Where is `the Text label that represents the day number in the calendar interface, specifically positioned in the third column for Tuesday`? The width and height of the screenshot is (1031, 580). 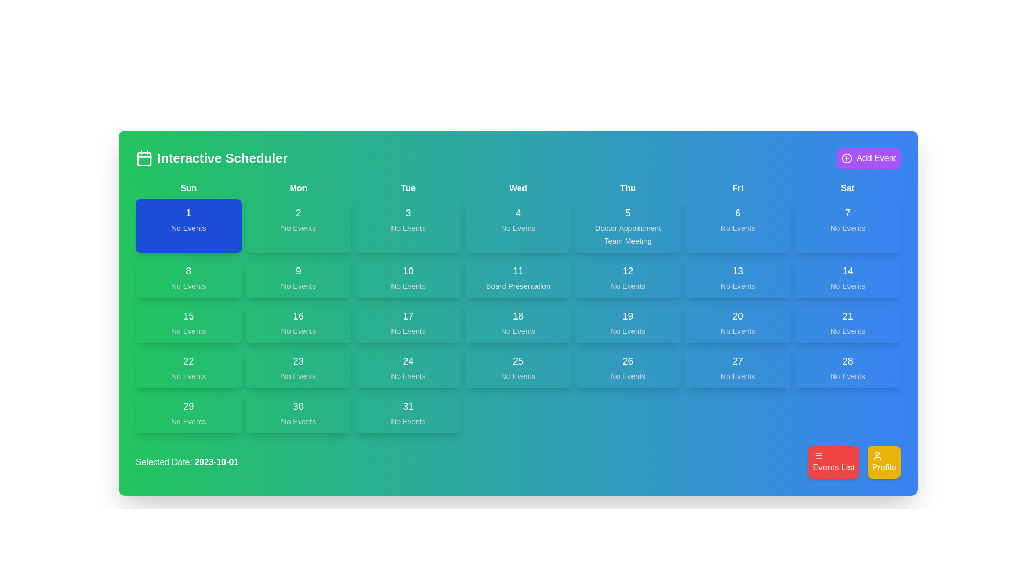
the Text label that represents the day number in the calendar interface, specifically positioned in the third column for Tuesday is located at coordinates (408, 213).